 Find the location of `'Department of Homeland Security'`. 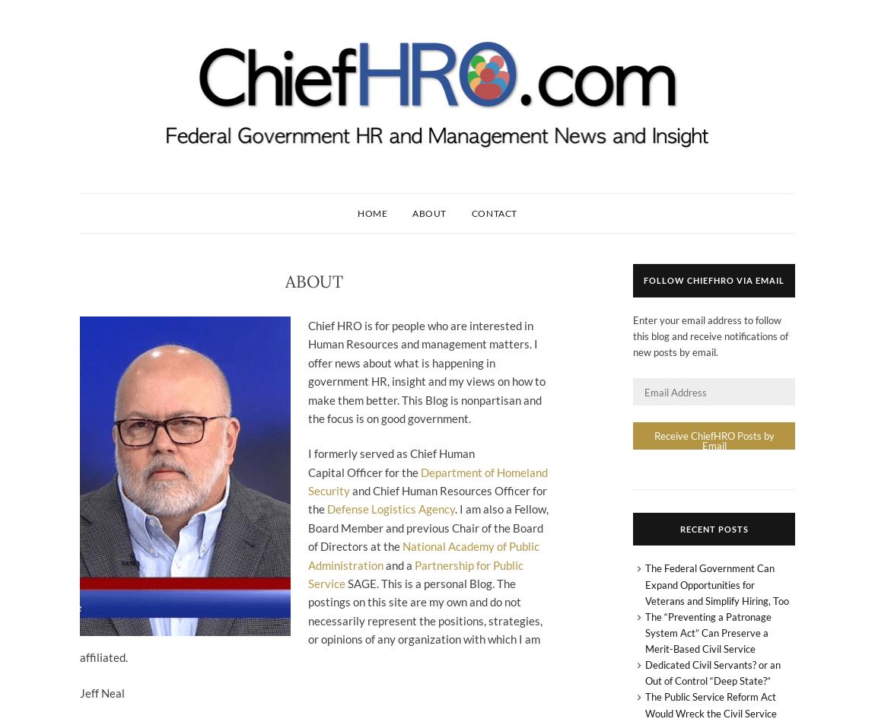

'Department of Homeland Security' is located at coordinates (427, 480).